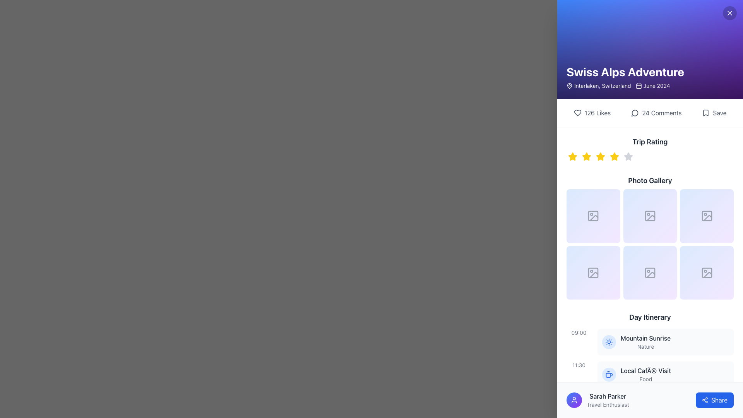 The width and height of the screenshot is (743, 418). I want to click on the image placeholder in the top-right position of the 3x3 grid in the 'Photo Gallery' section, so click(707, 216).